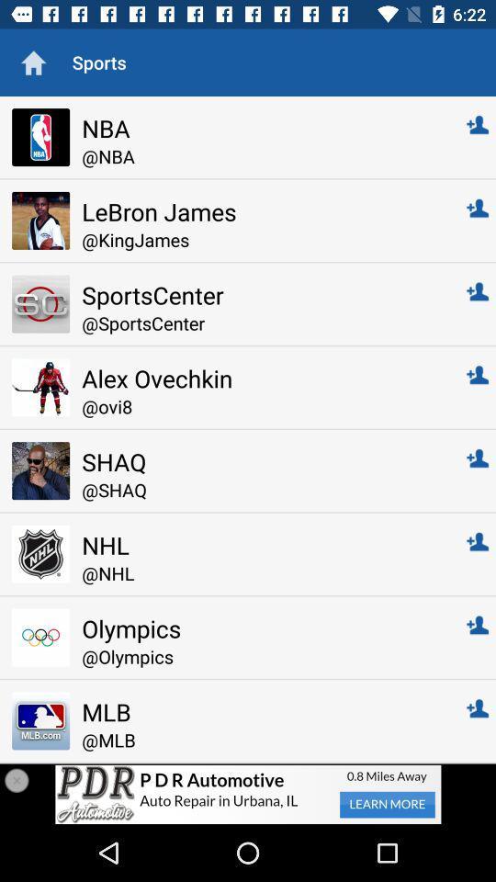 Image resolution: width=496 pixels, height=882 pixels. What do you see at coordinates (33, 62) in the screenshot?
I see `the icon next to sports` at bounding box center [33, 62].